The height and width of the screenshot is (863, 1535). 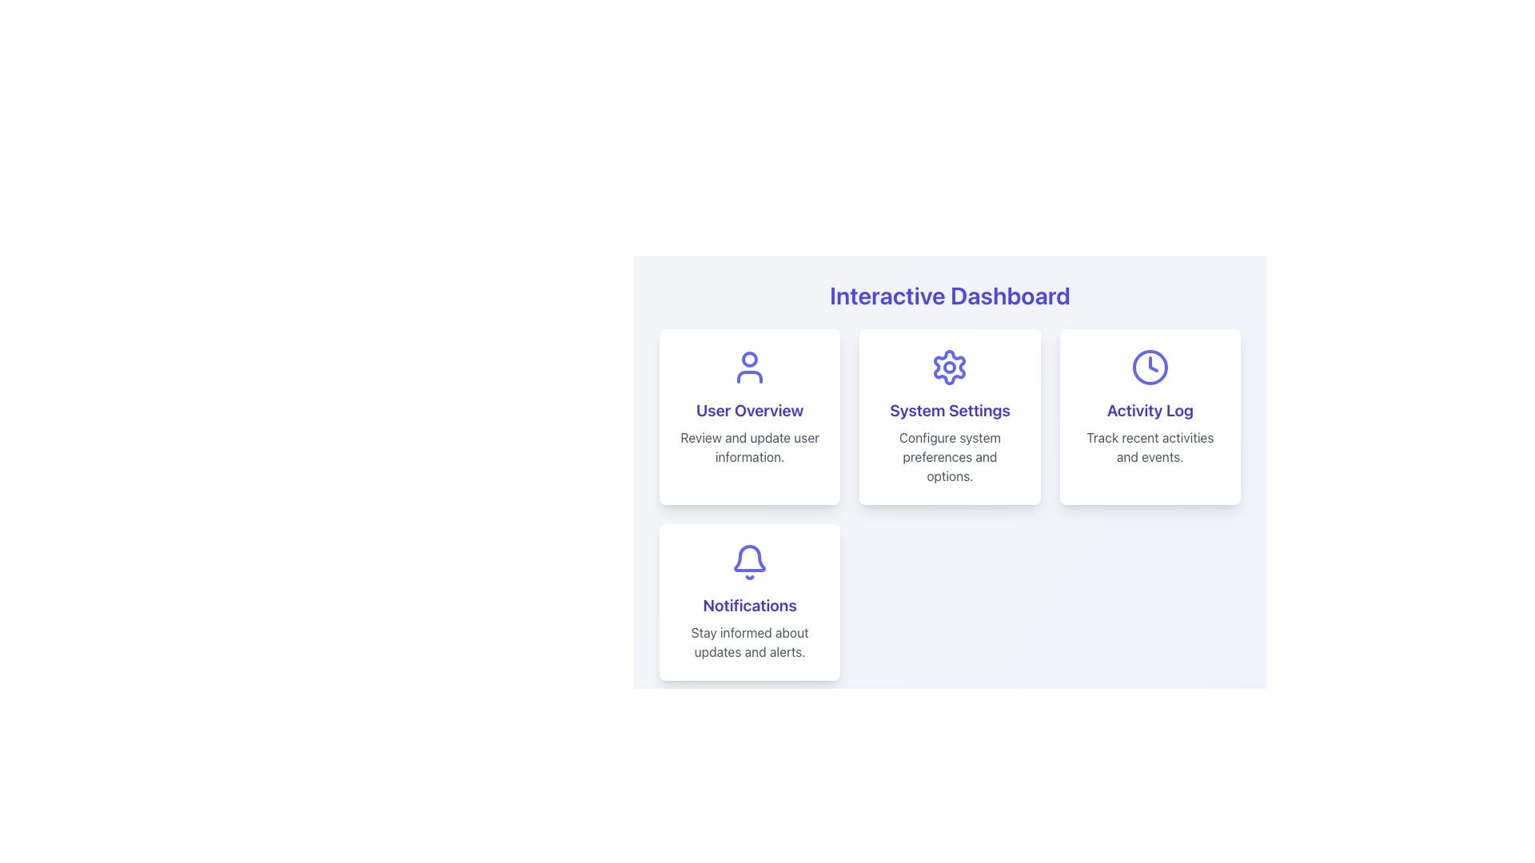 I want to click on text label that displays 'Review and update user information.' located below the 'User Overview' header in the card layout, so click(x=749, y=447).